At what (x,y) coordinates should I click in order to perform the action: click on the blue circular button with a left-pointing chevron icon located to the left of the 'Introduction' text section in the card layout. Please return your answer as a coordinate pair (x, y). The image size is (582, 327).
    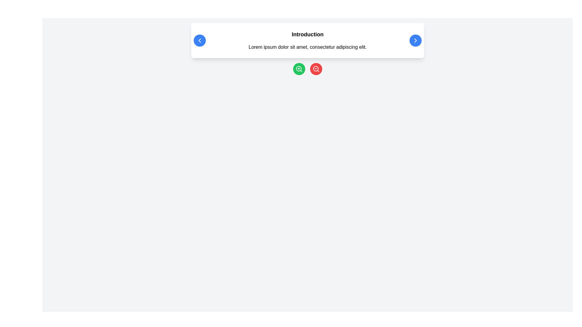
    Looking at the image, I should click on (199, 41).